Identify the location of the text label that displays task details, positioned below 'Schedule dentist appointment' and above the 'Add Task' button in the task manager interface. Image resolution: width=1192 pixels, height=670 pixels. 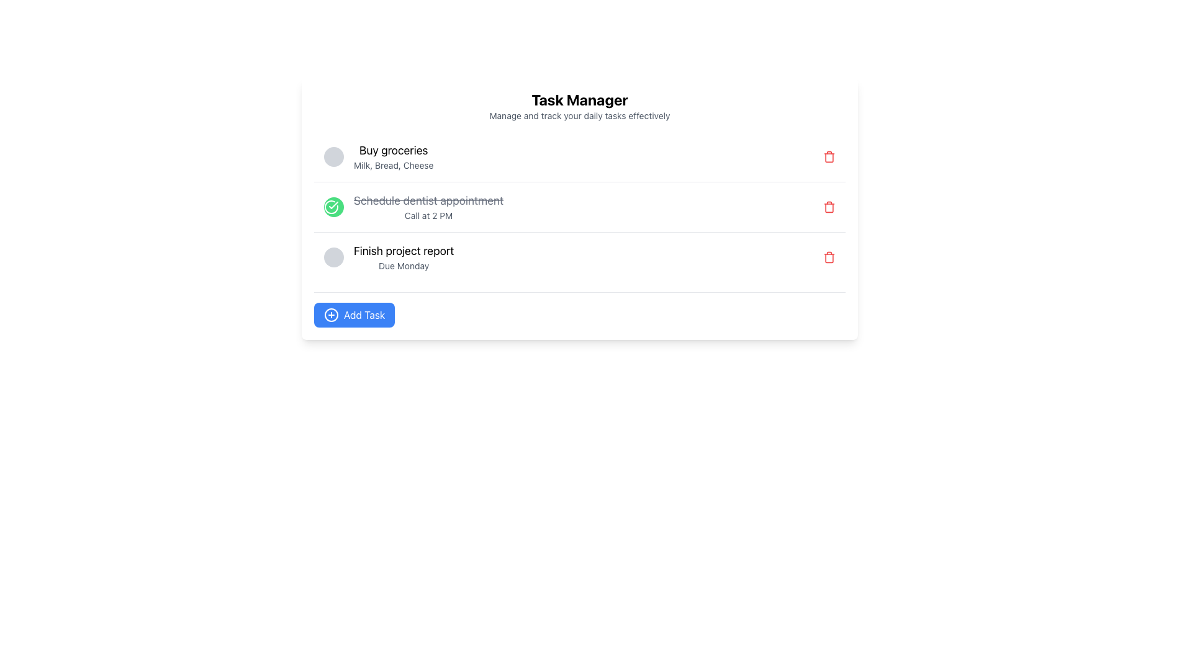
(404, 257).